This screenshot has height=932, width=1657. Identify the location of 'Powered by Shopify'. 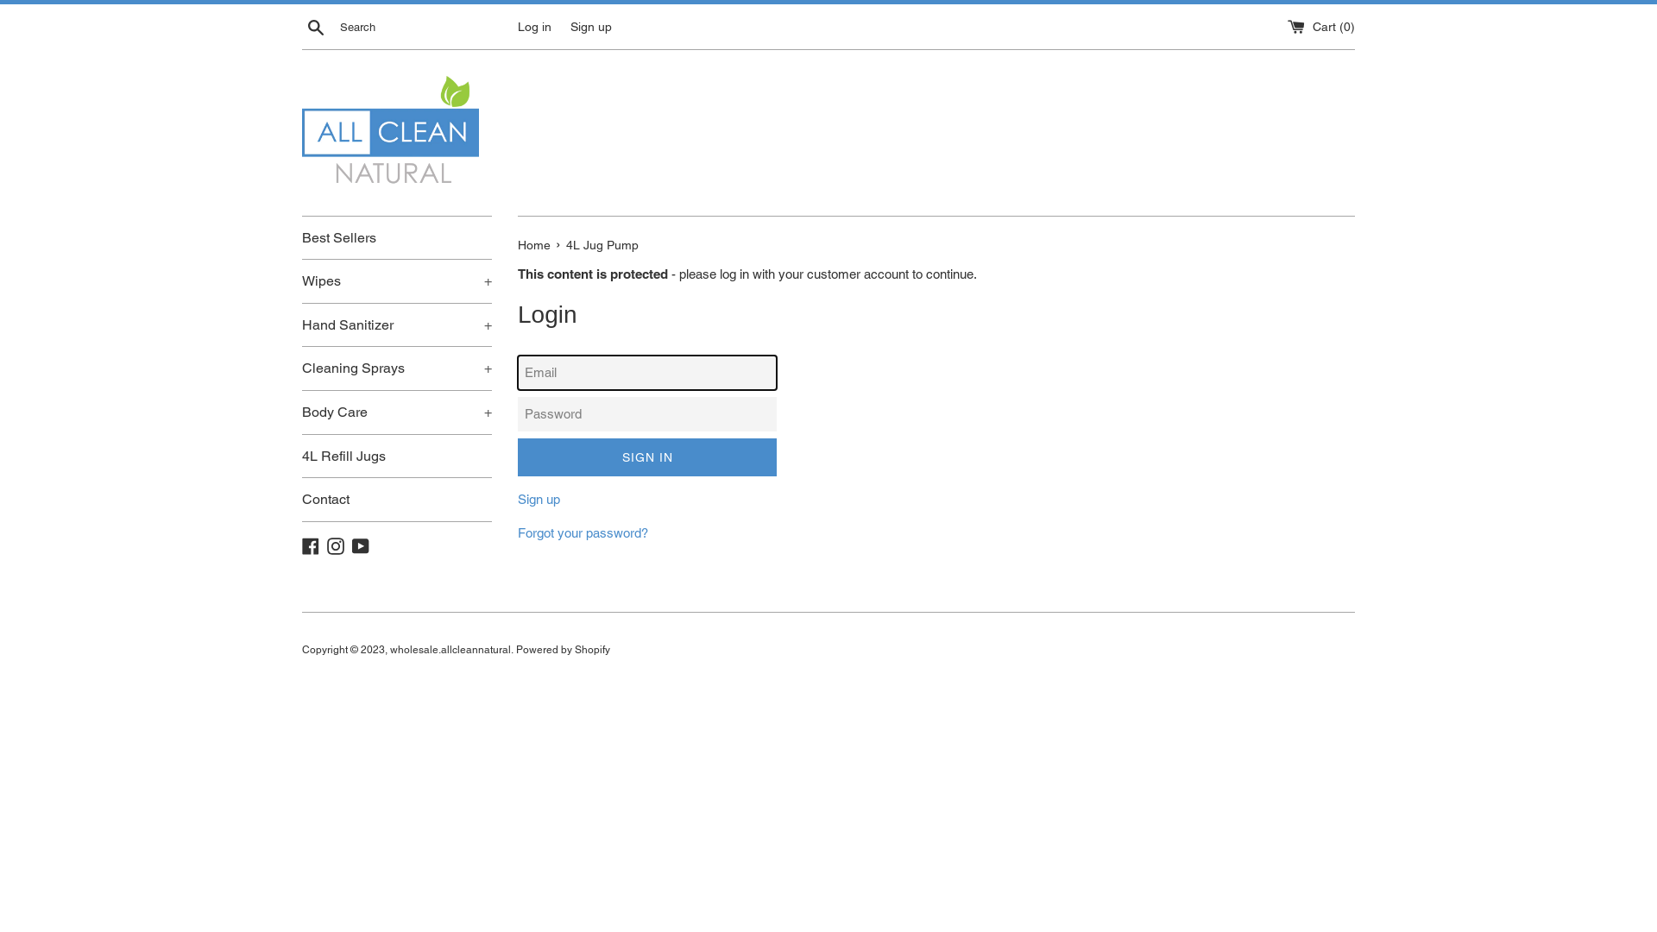
(563, 649).